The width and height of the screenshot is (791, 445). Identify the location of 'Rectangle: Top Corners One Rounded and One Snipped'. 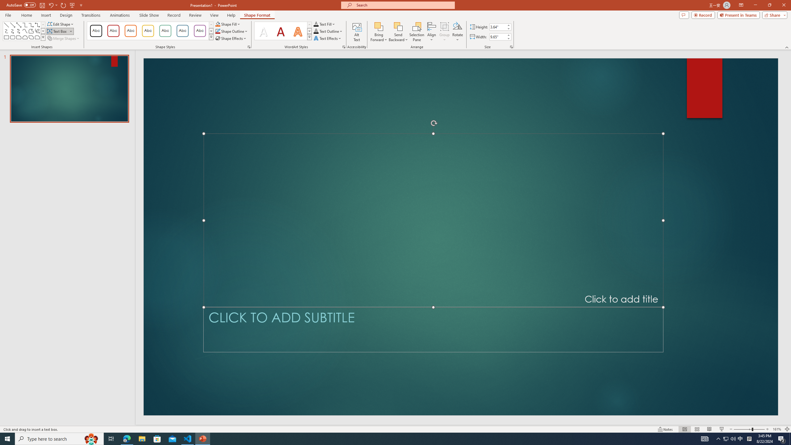
(37, 37).